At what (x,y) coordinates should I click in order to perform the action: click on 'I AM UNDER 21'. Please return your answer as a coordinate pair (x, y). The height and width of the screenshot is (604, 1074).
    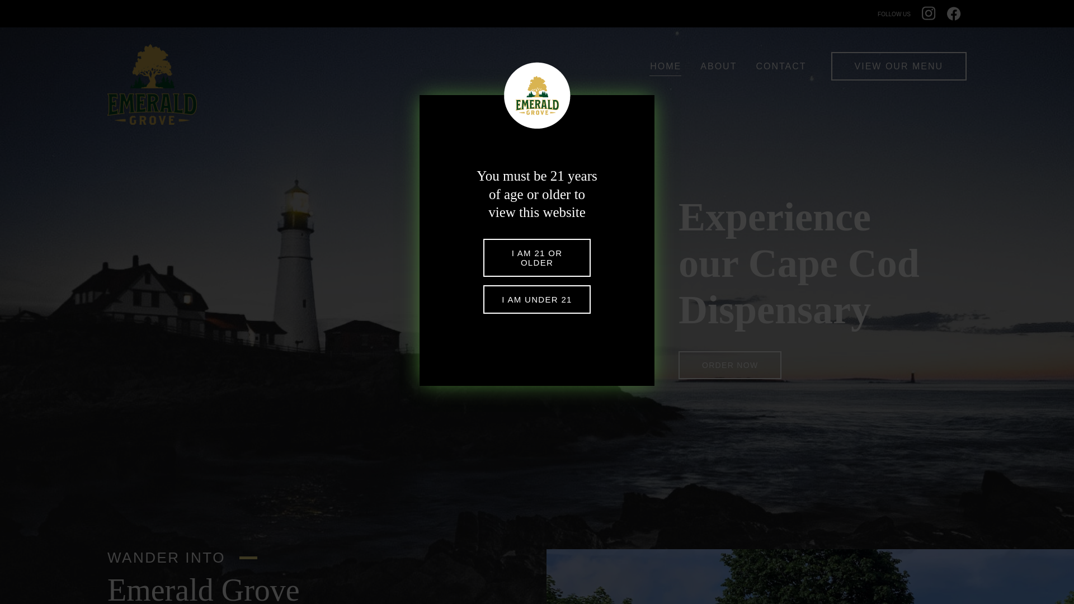
    Looking at the image, I should click on (537, 299).